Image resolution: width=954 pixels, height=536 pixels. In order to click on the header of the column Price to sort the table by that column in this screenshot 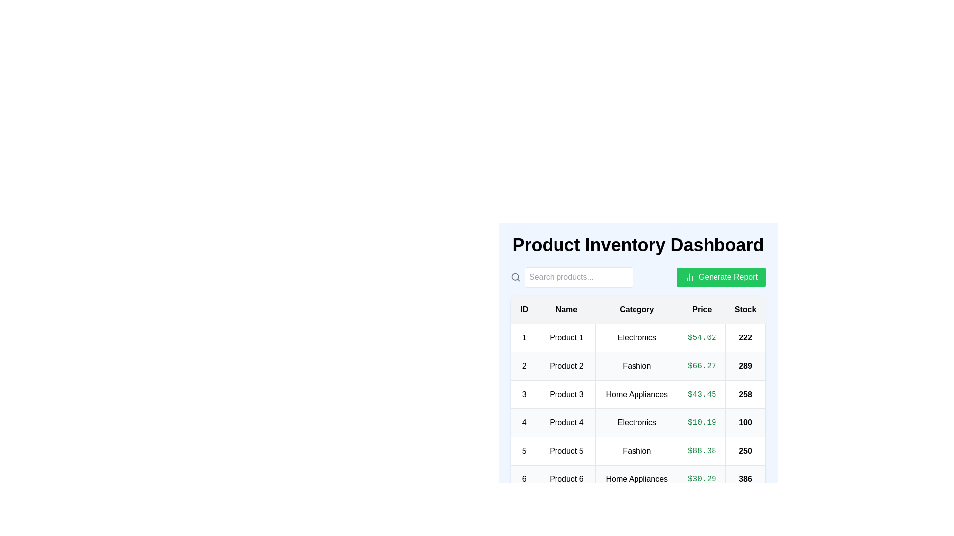, I will do `click(701, 309)`.